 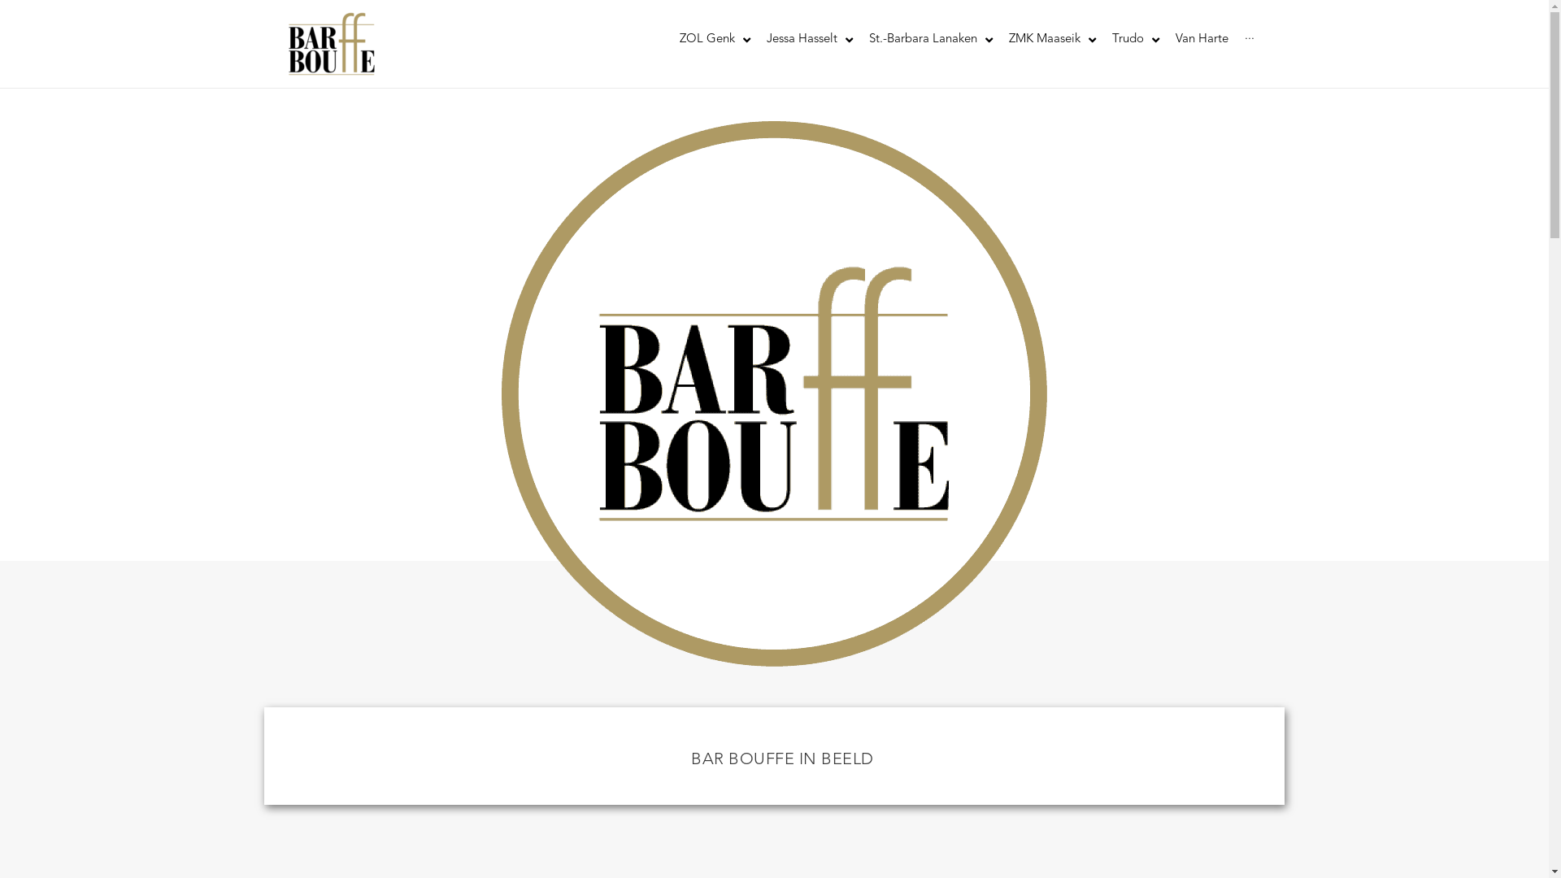 I want to click on 'Jessa Hasselt', so click(x=808, y=39).